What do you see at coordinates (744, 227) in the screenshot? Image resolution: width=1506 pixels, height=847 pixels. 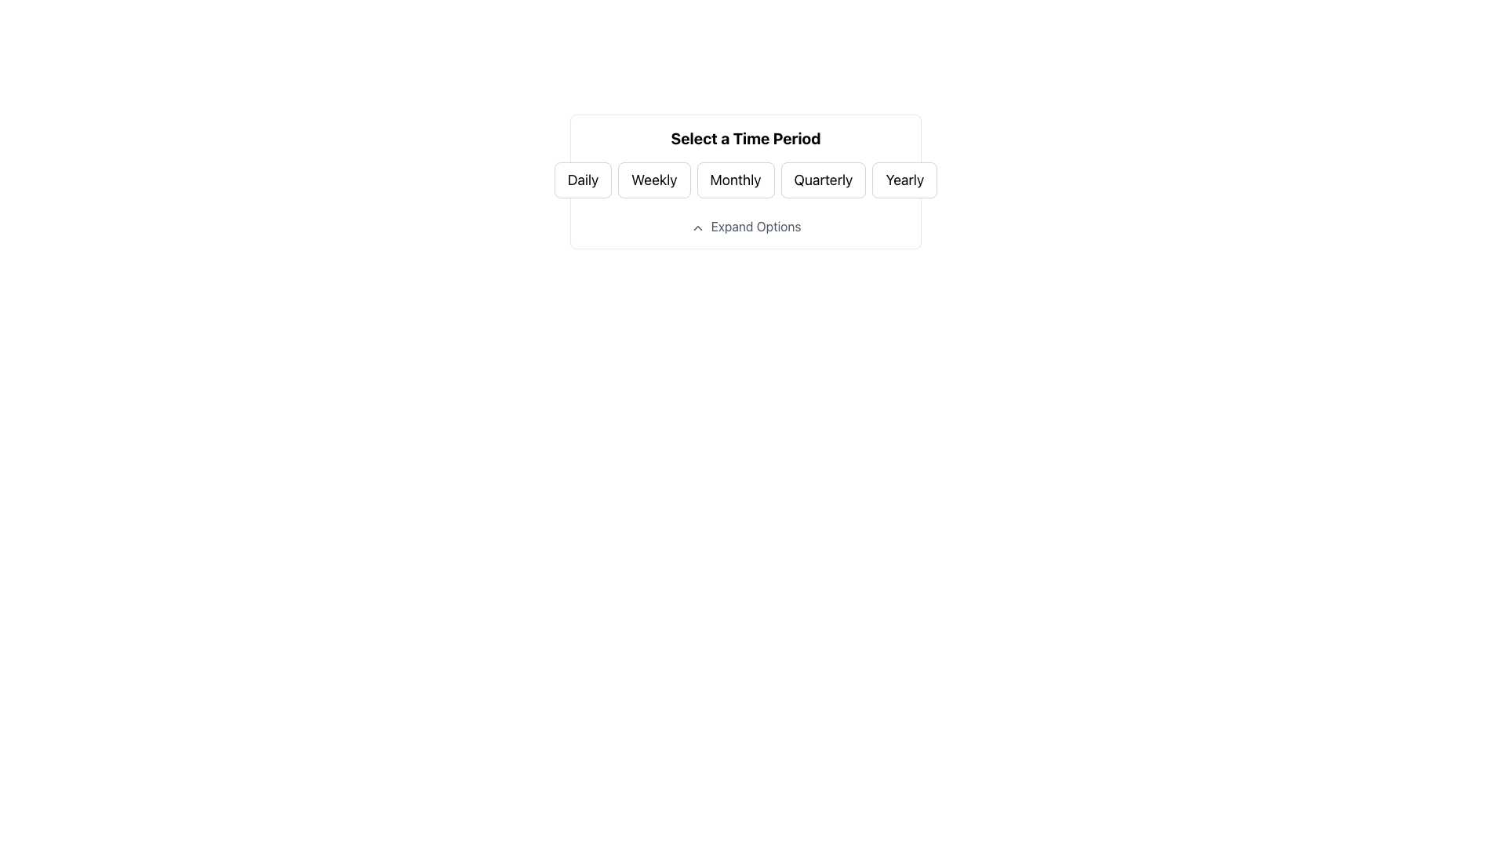 I see `the 'Expand Options' button, which is a horizontally aligned link or button with gray text and an upward chevron icon` at bounding box center [744, 227].